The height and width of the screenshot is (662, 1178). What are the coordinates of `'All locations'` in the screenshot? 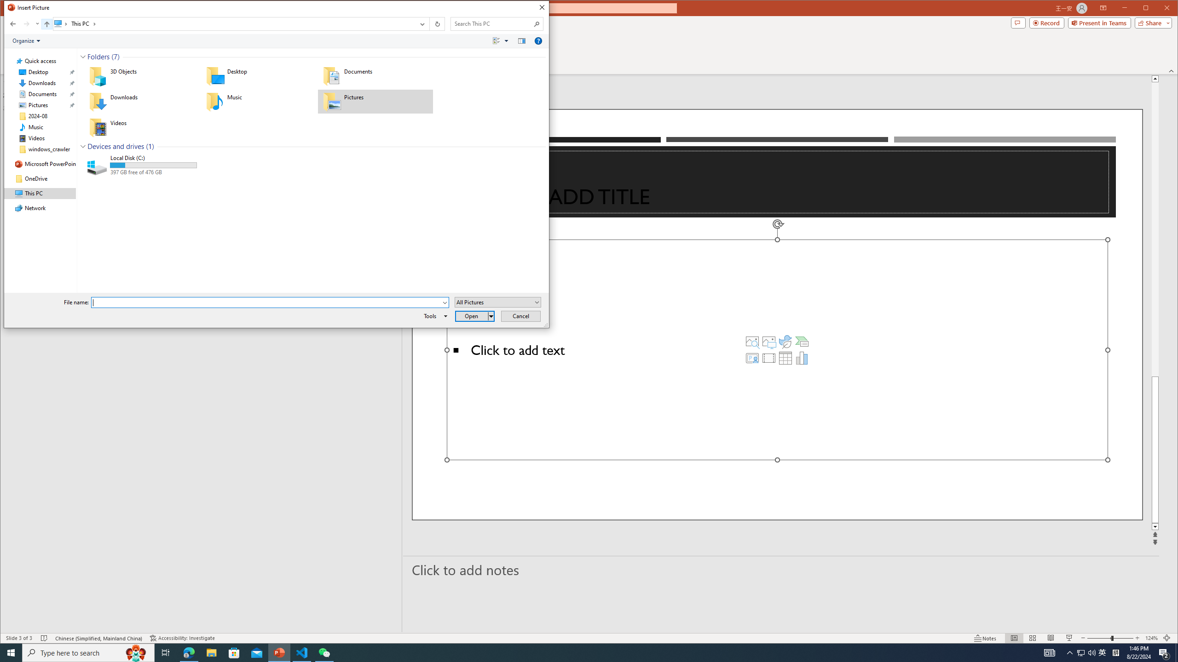 It's located at (61, 23).